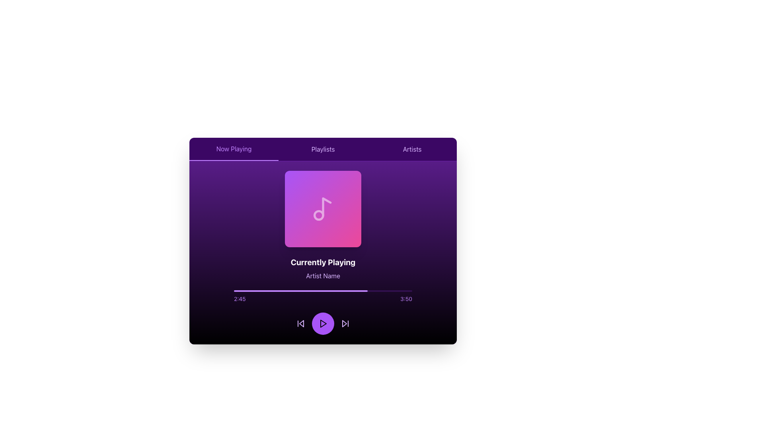 This screenshot has width=764, height=430. Describe the element at coordinates (406, 299) in the screenshot. I see `the text label displaying '3:50' in a small, purple font, positioned at the far-right end of the horizontal progress bar` at that location.